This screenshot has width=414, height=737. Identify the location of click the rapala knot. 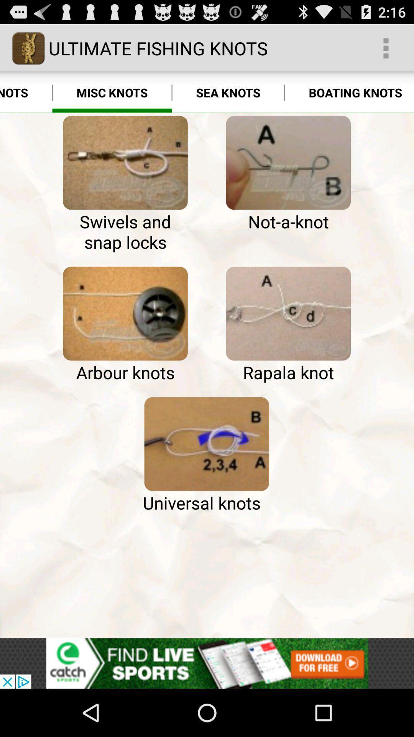
(288, 314).